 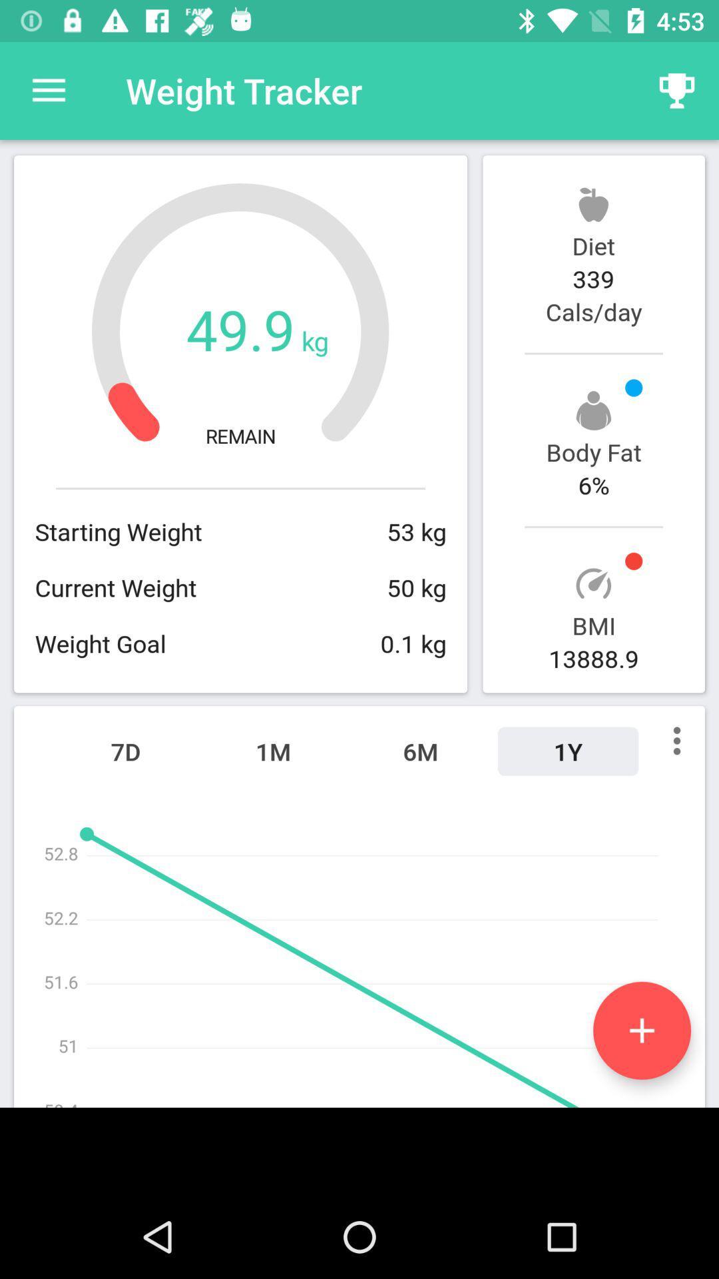 I want to click on icon below 1y icon, so click(x=641, y=1030).